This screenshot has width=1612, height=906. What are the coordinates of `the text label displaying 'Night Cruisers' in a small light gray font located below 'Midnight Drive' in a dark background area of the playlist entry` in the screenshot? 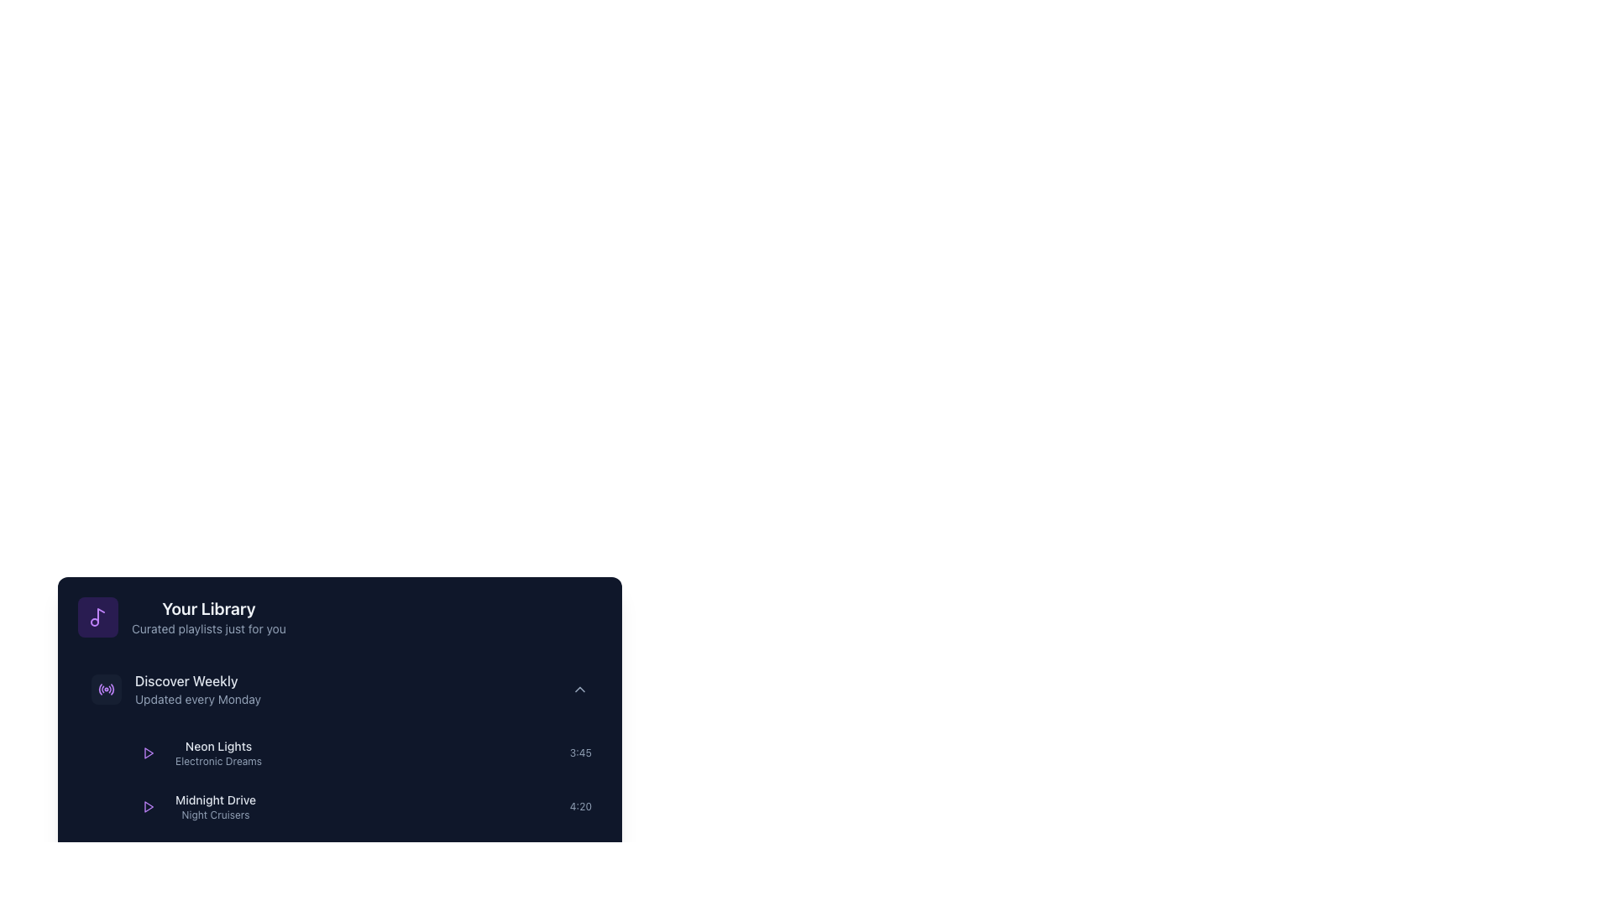 It's located at (215, 815).